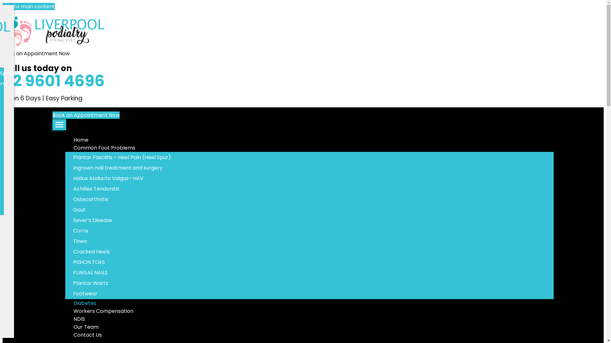  What do you see at coordinates (53, 80) in the screenshot?
I see `'02 9601 4696'` at bounding box center [53, 80].